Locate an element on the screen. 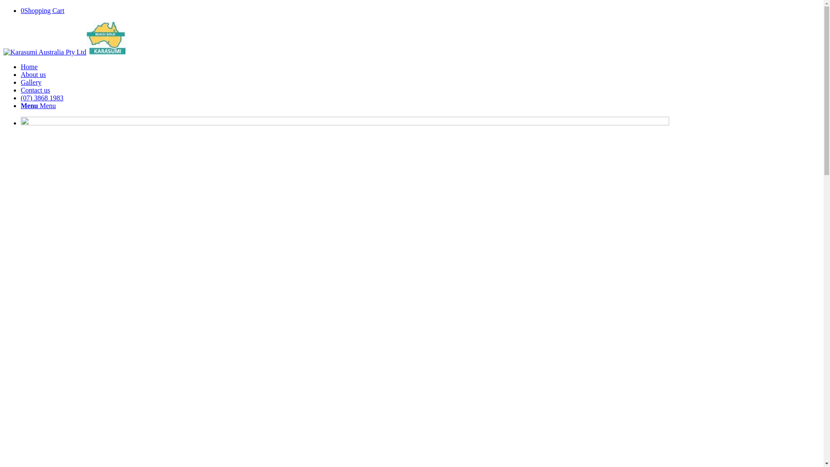  'About us' is located at coordinates (21, 74).